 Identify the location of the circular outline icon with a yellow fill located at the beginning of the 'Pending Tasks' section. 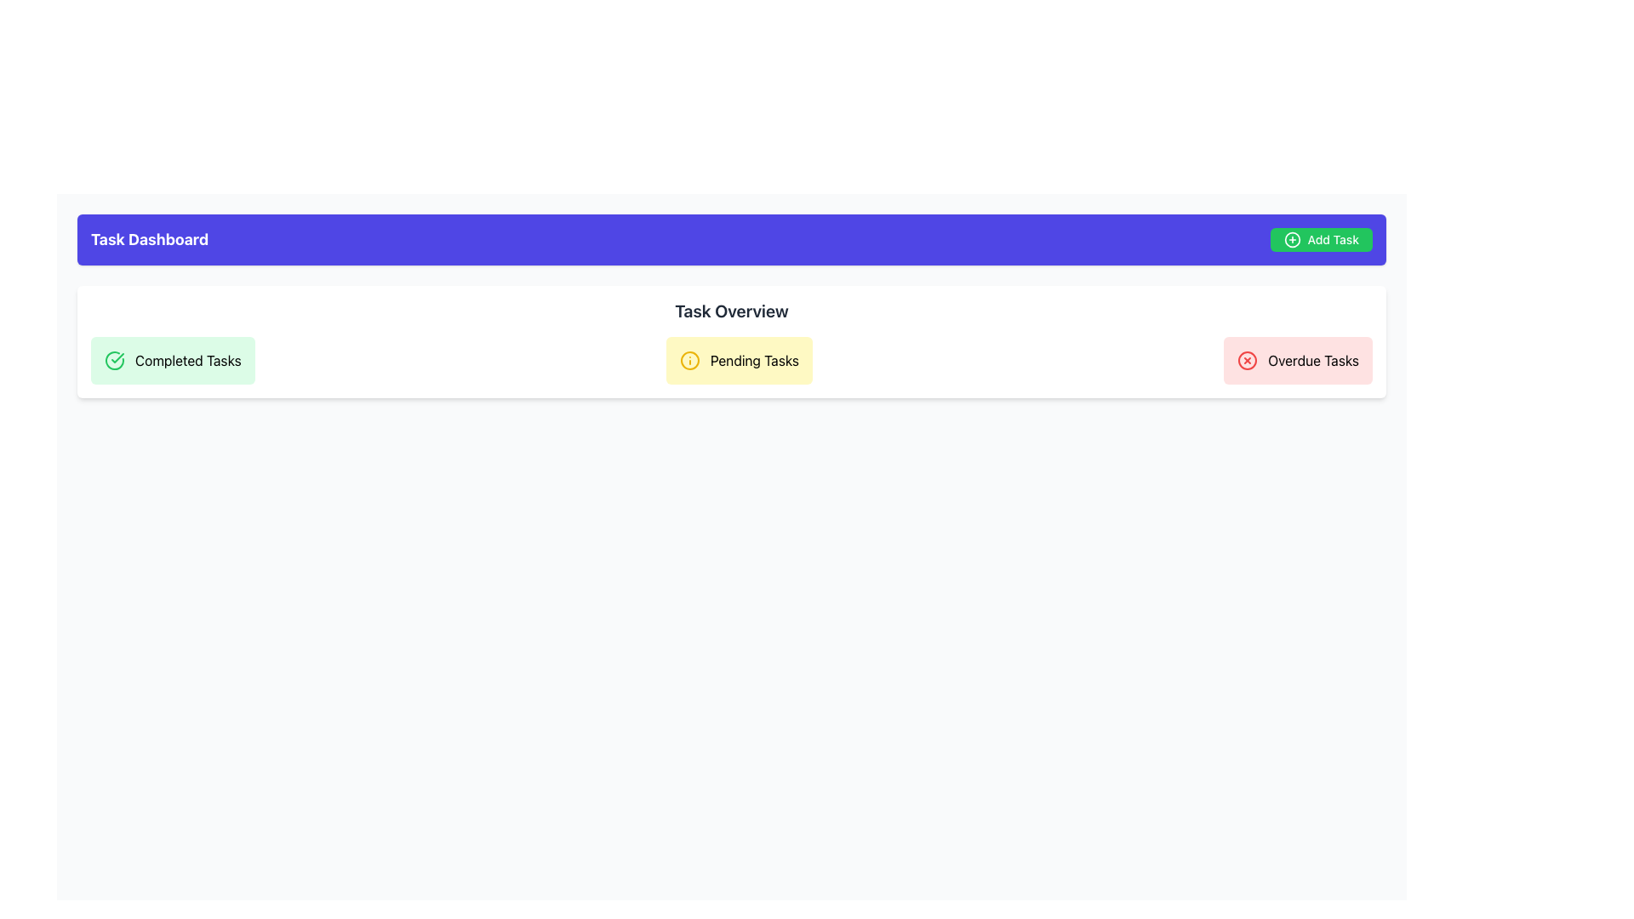
(689, 360).